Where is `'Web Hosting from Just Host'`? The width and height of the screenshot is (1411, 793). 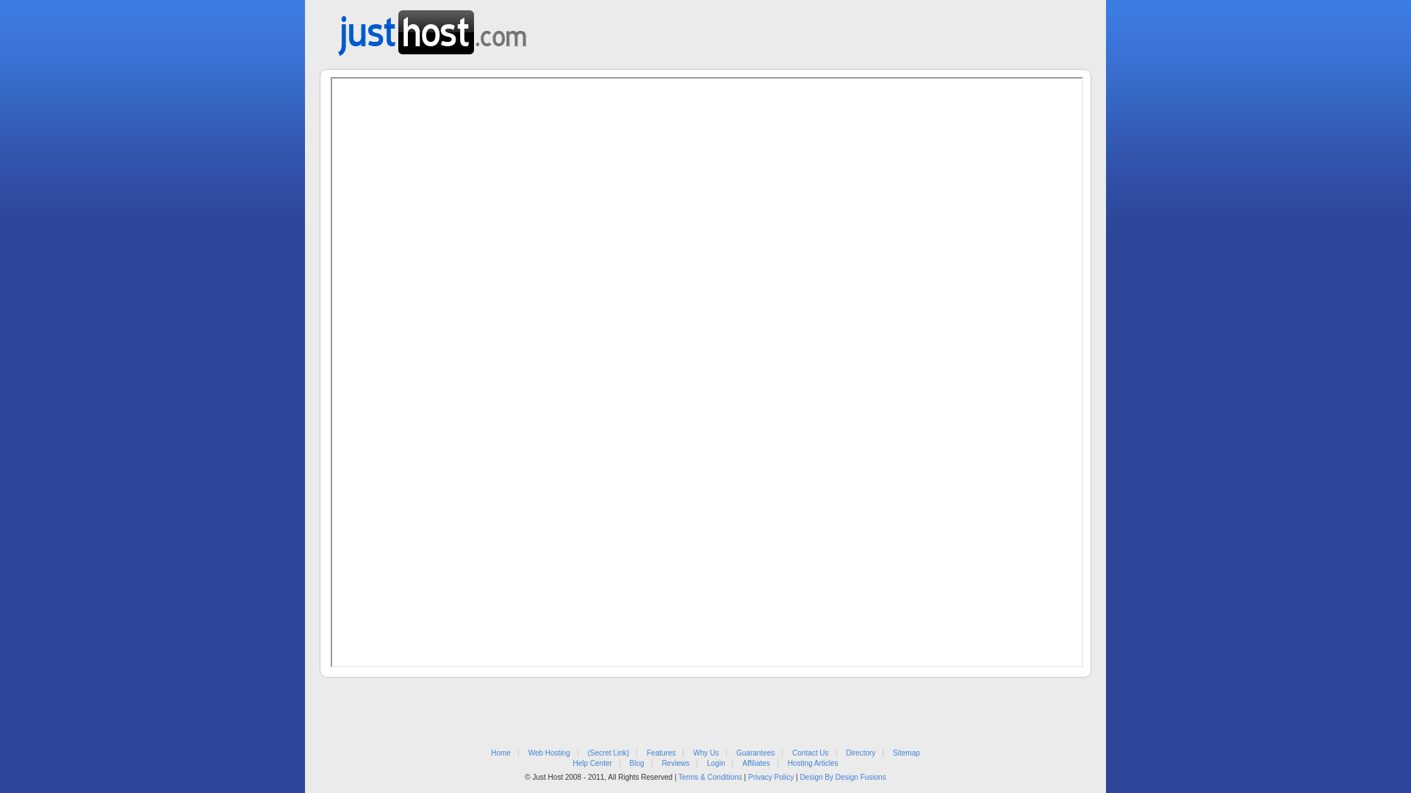 'Web Hosting from Just Host' is located at coordinates (337, 28).